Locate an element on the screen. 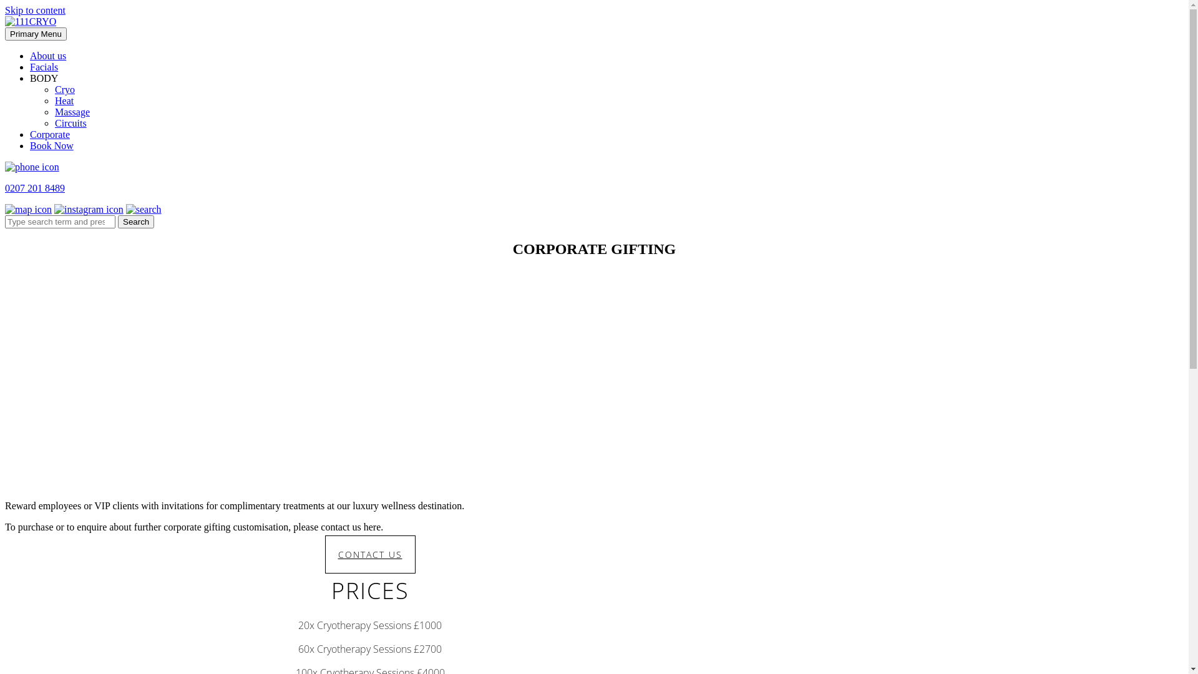 This screenshot has height=674, width=1198. 'Massage' is located at coordinates (54, 111).